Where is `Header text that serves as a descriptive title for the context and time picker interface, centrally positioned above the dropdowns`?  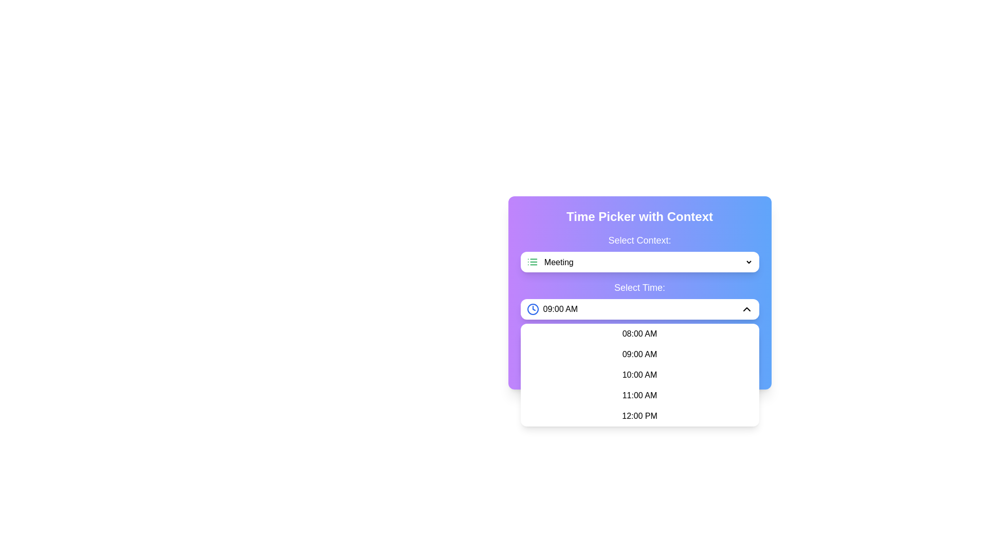 Header text that serves as a descriptive title for the context and time picker interface, centrally positioned above the dropdowns is located at coordinates (639, 216).